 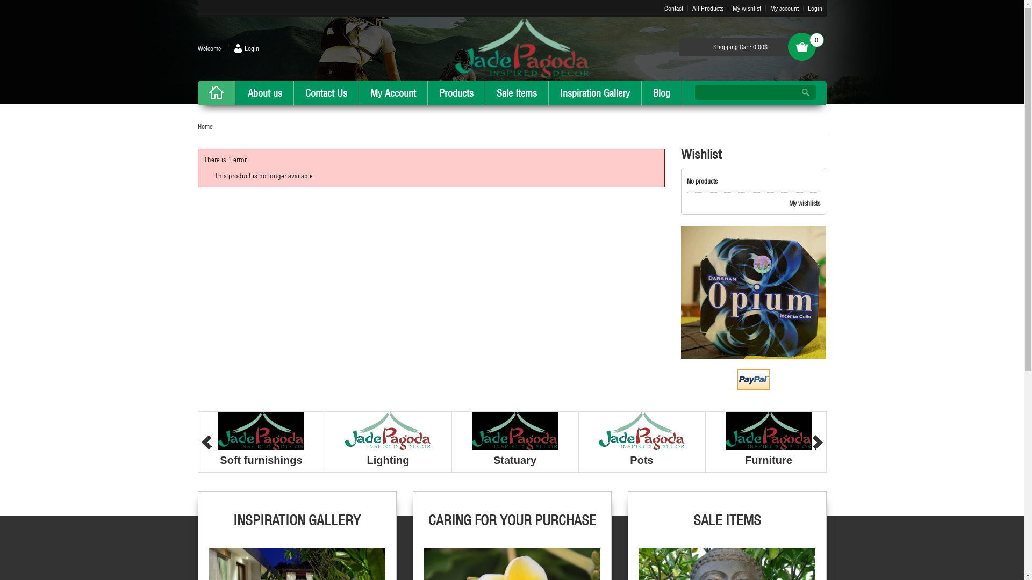 I want to click on 'Jade Pagoda ', so click(x=455, y=47).